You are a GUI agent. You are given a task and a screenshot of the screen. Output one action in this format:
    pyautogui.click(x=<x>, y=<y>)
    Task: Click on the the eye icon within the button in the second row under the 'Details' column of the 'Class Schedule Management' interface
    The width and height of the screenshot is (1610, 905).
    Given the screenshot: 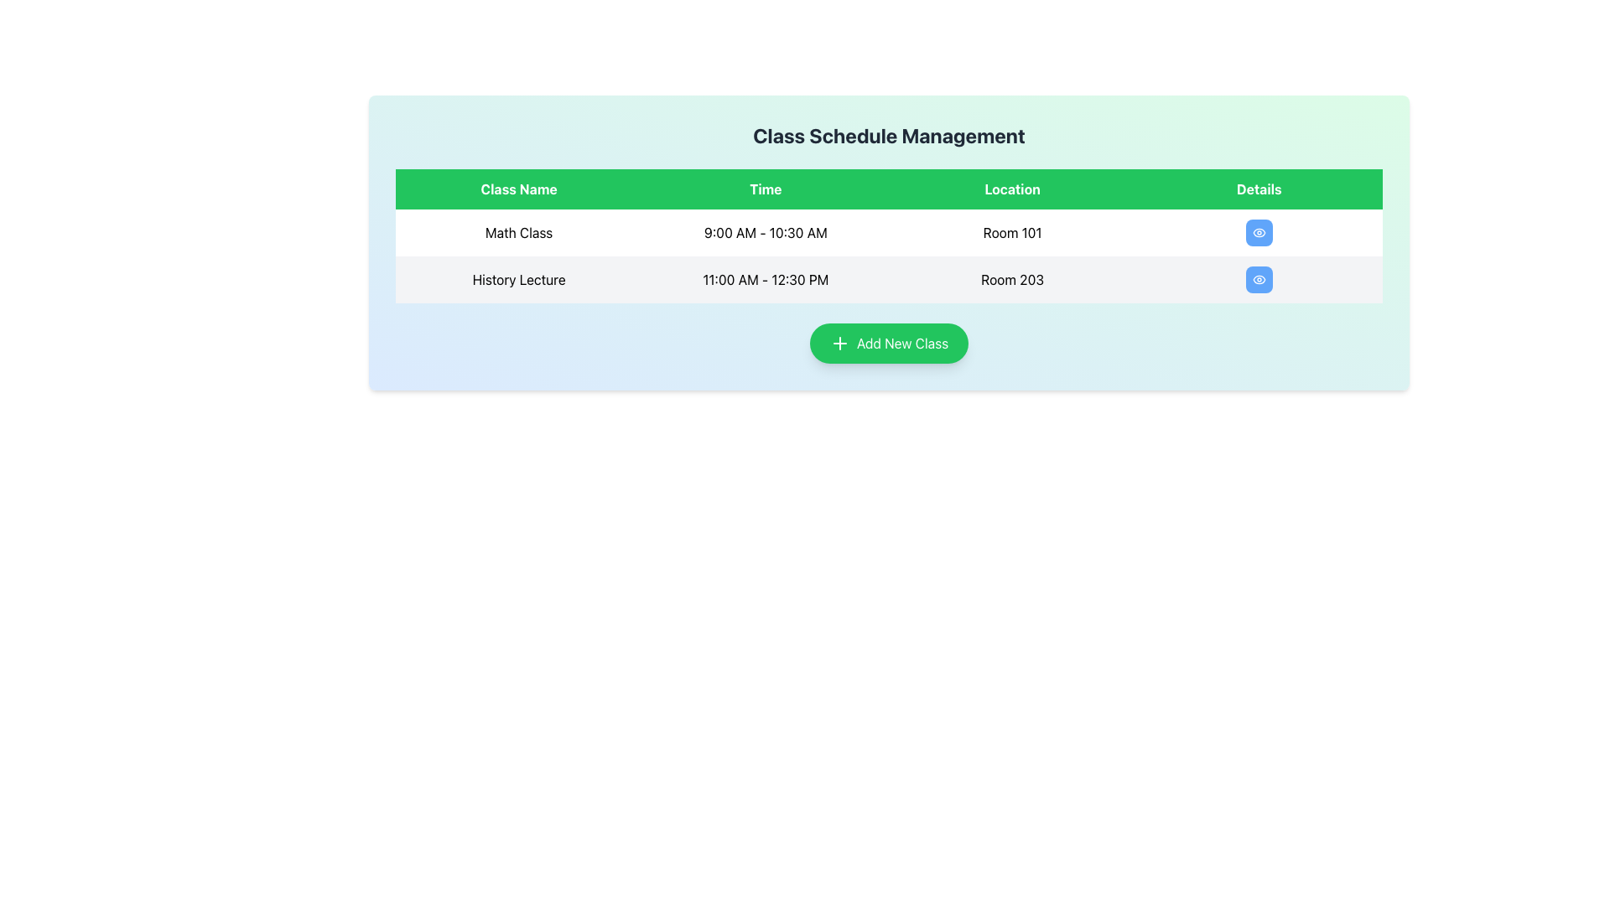 What is the action you would take?
    pyautogui.click(x=1259, y=232)
    